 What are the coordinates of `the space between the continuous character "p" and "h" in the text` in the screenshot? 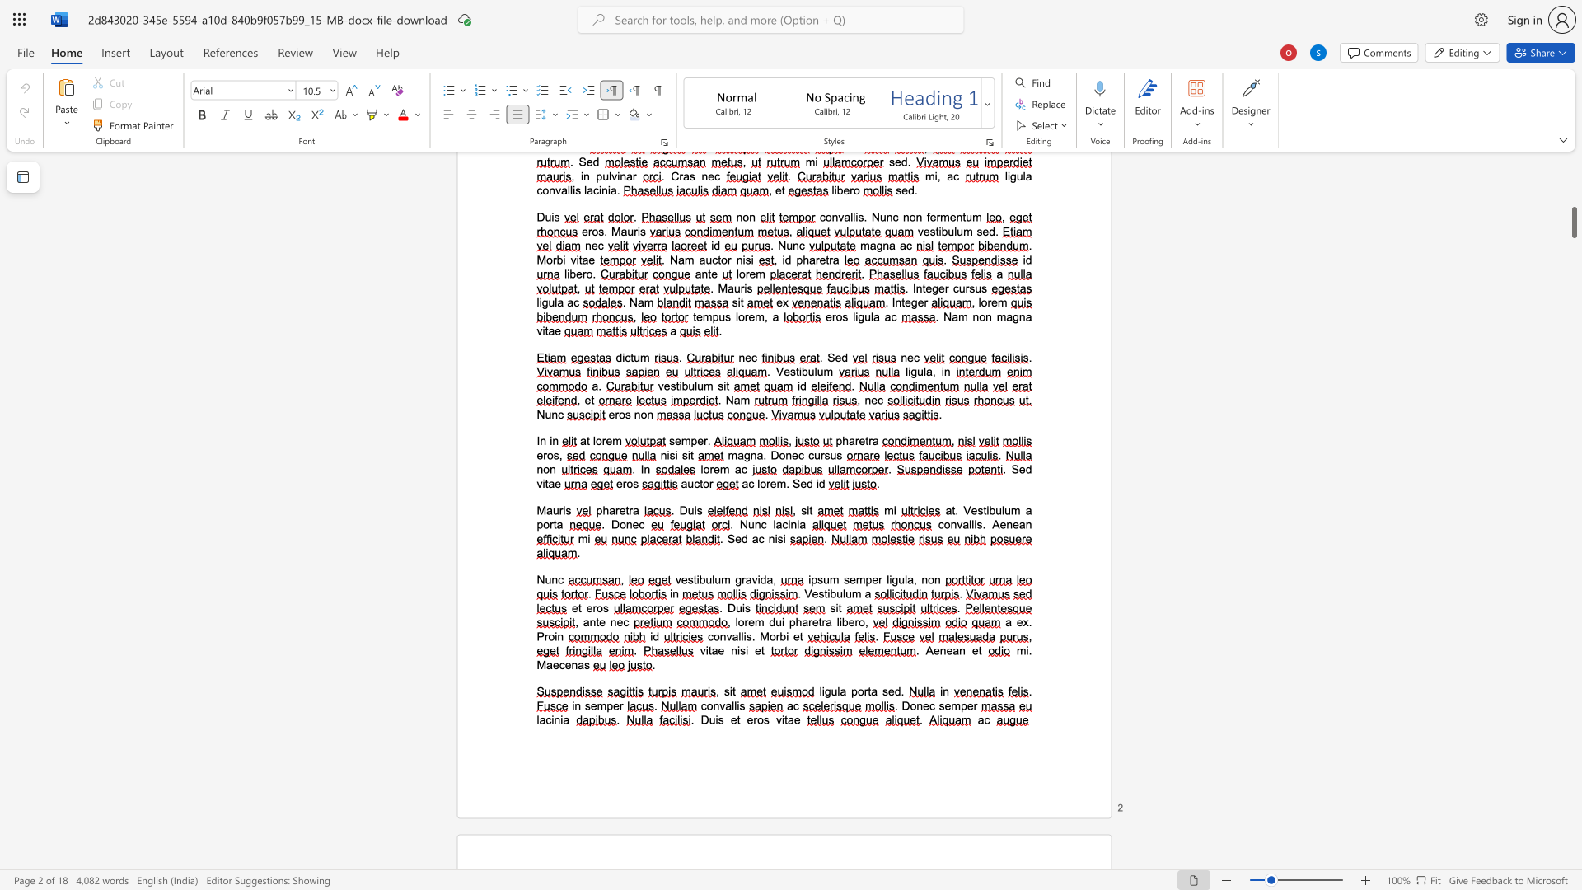 It's located at (601, 509).